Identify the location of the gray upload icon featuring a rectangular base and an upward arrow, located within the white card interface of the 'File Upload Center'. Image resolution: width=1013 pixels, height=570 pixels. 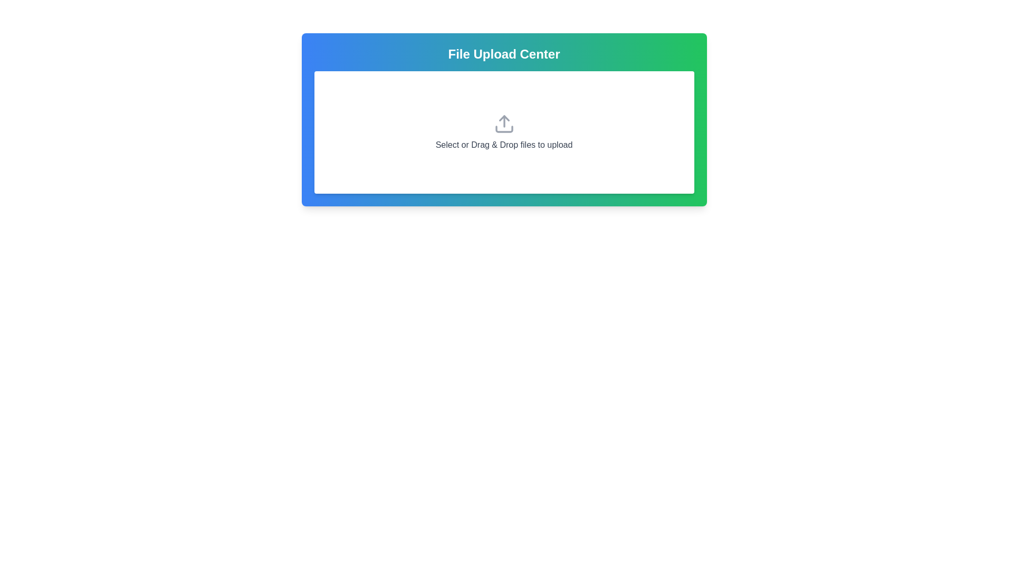
(503, 123).